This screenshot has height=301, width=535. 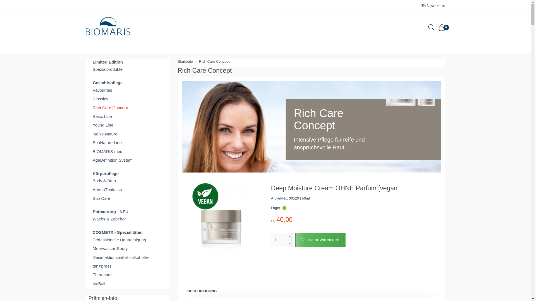 I want to click on 'tanXpress', so click(x=88, y=266).